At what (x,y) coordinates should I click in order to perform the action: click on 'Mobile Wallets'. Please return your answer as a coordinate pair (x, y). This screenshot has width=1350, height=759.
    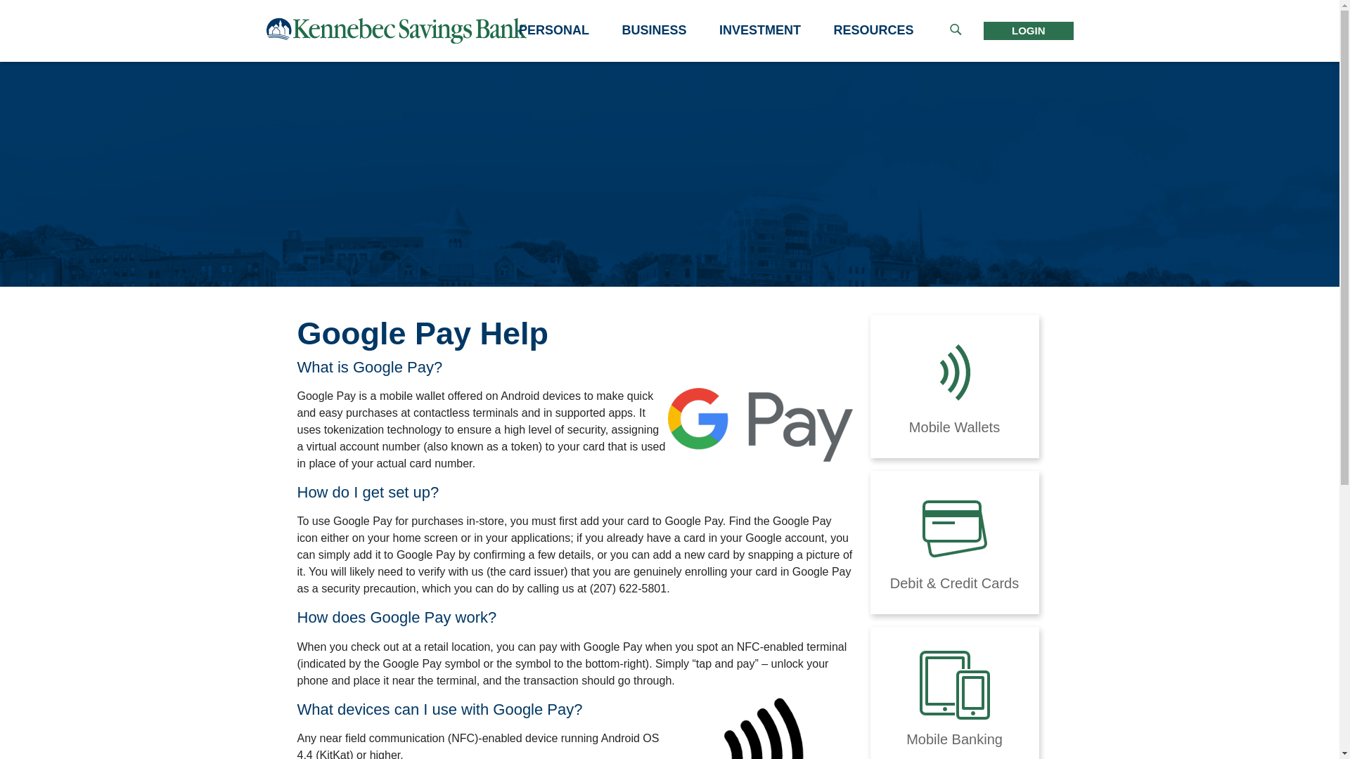
    Looking at the image, I should click on (955, 387).